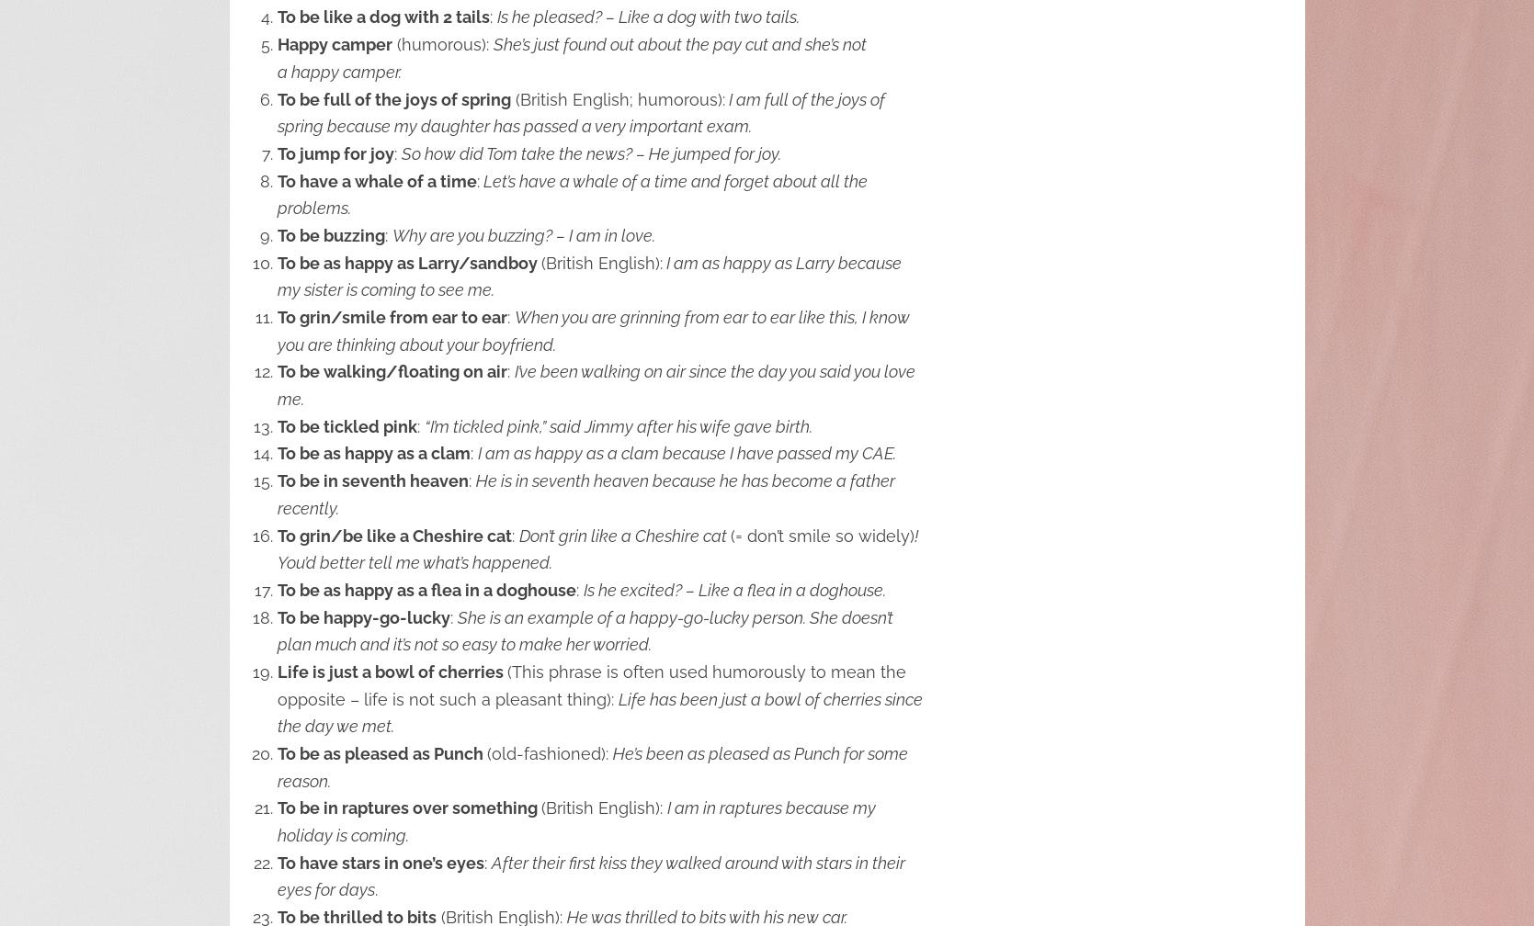 The image size is (1534, 926). I want to click on 'To be walking/floating on air', so click(276, 371).